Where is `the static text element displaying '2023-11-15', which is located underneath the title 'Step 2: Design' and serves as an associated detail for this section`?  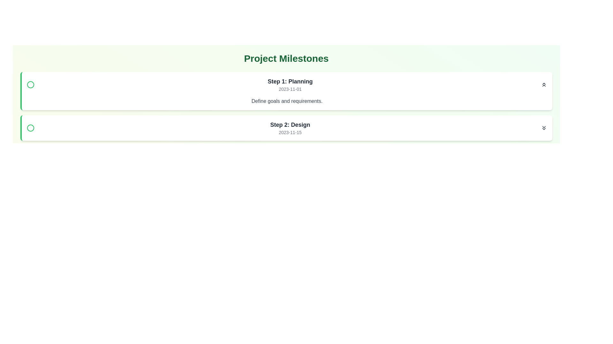 the static text element displaying '2023-11-15', which is located underneath the title 'Step 2: Design' and serves as an associated detail for this section is located at coordinates (290, 132).